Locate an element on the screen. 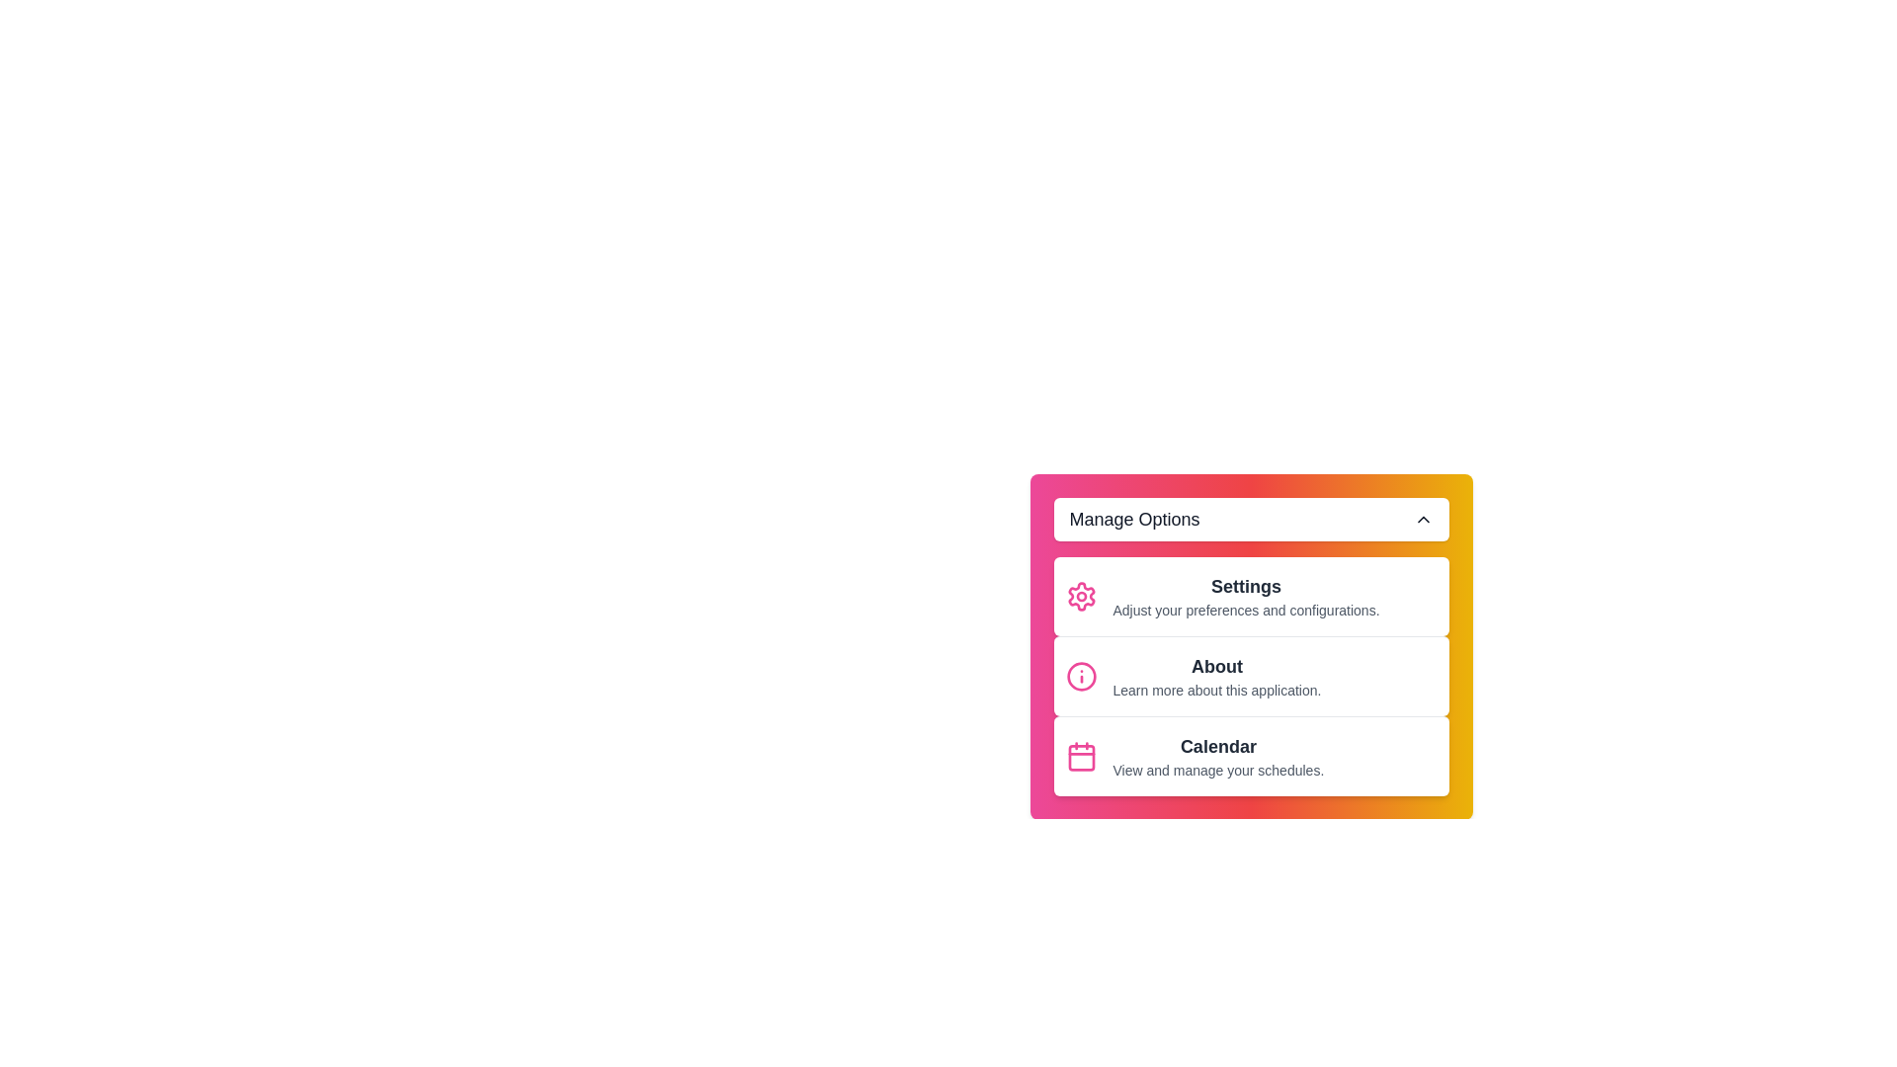 The width and height of the screenshot is (1897, 1067). the icon for About is located at coordinates (1080, 676).